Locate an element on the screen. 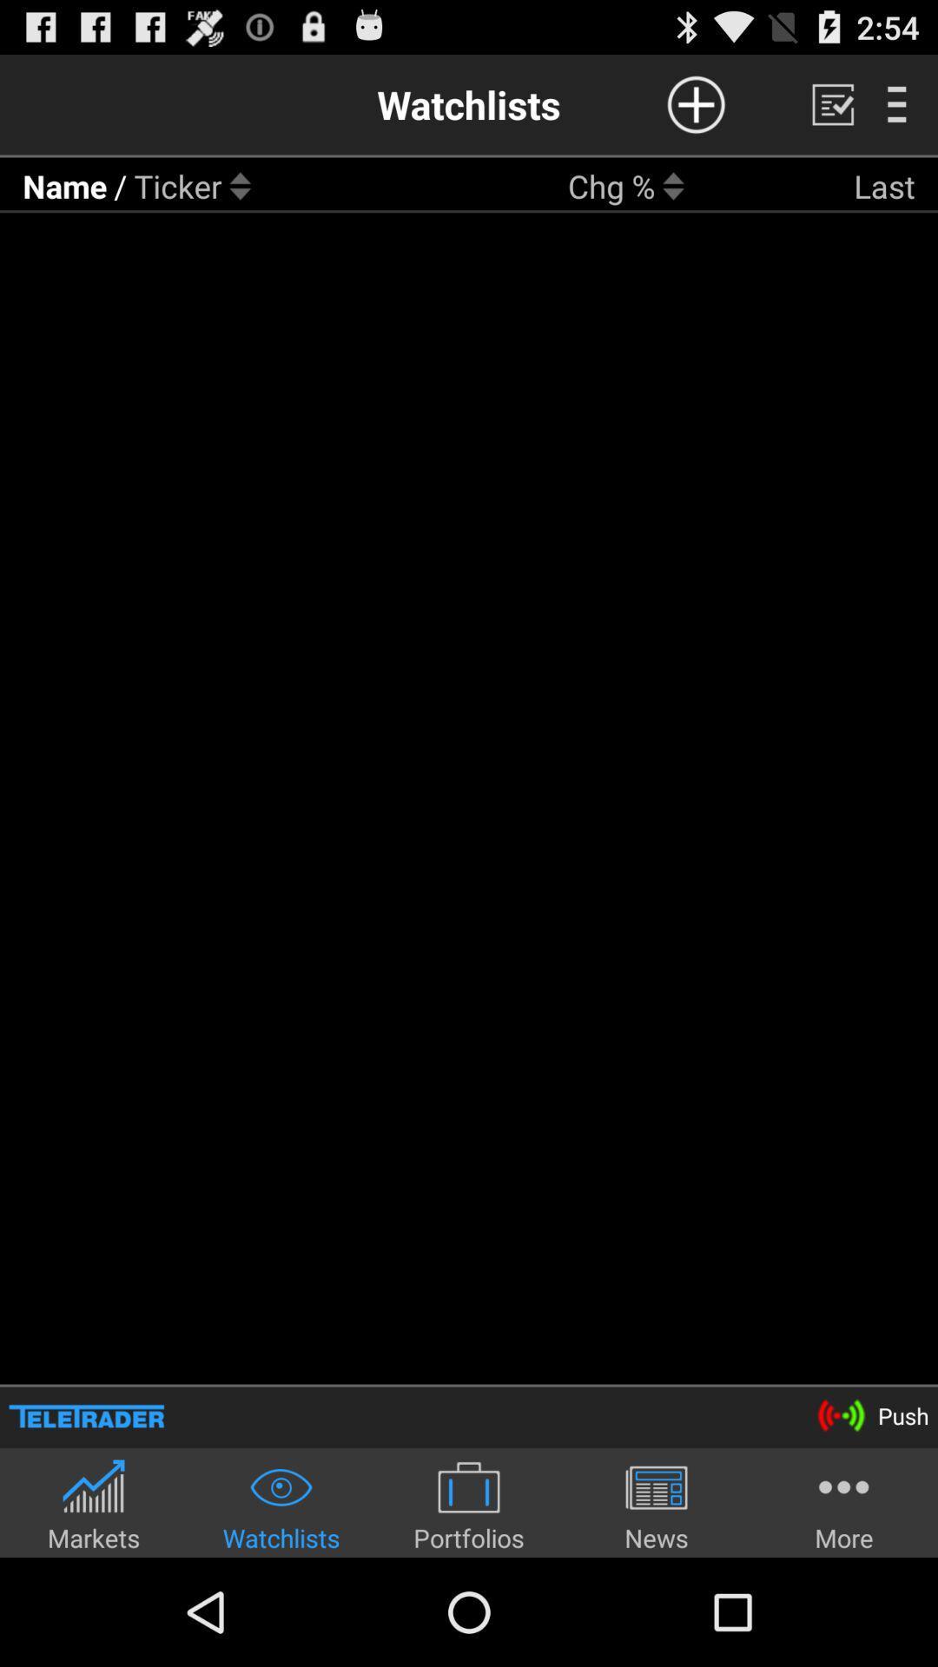 The image size is (938, 1667). the check icon is located at coordinates (832, 111).